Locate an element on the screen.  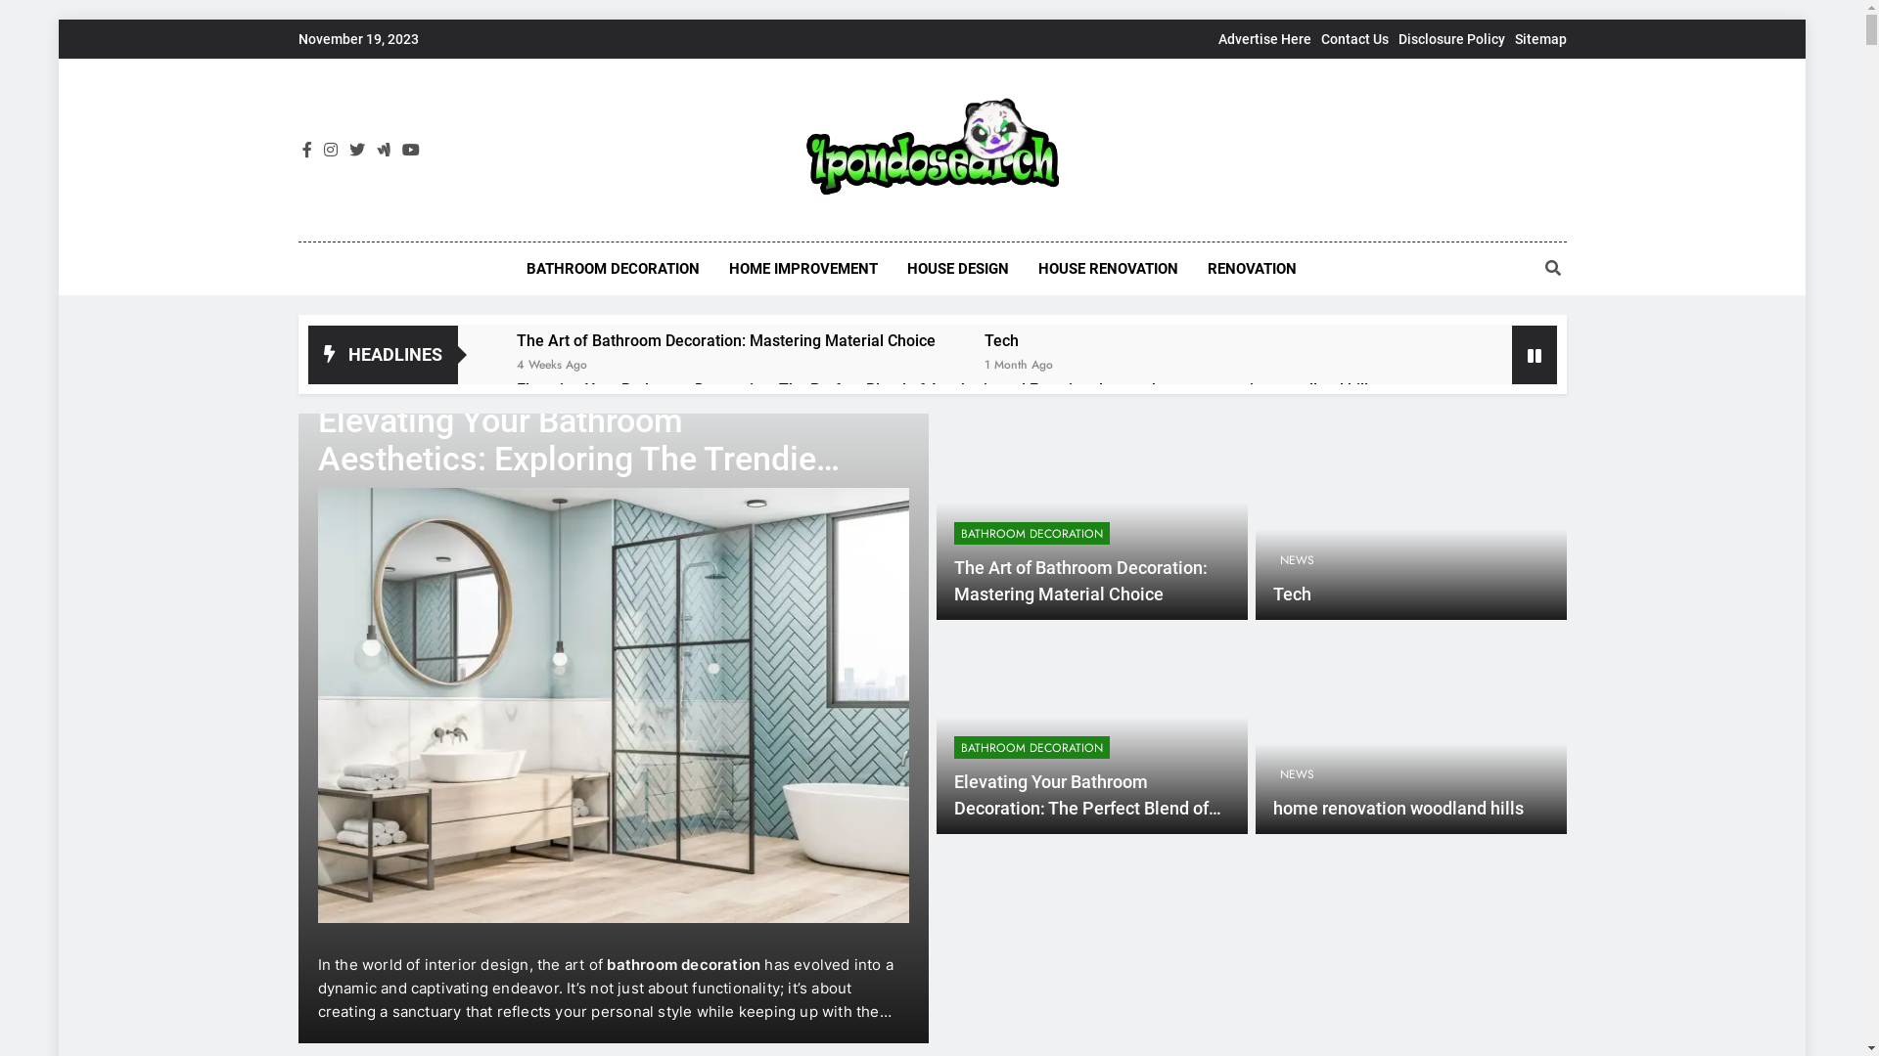
'Tech' is located at coordinates (985, 339).